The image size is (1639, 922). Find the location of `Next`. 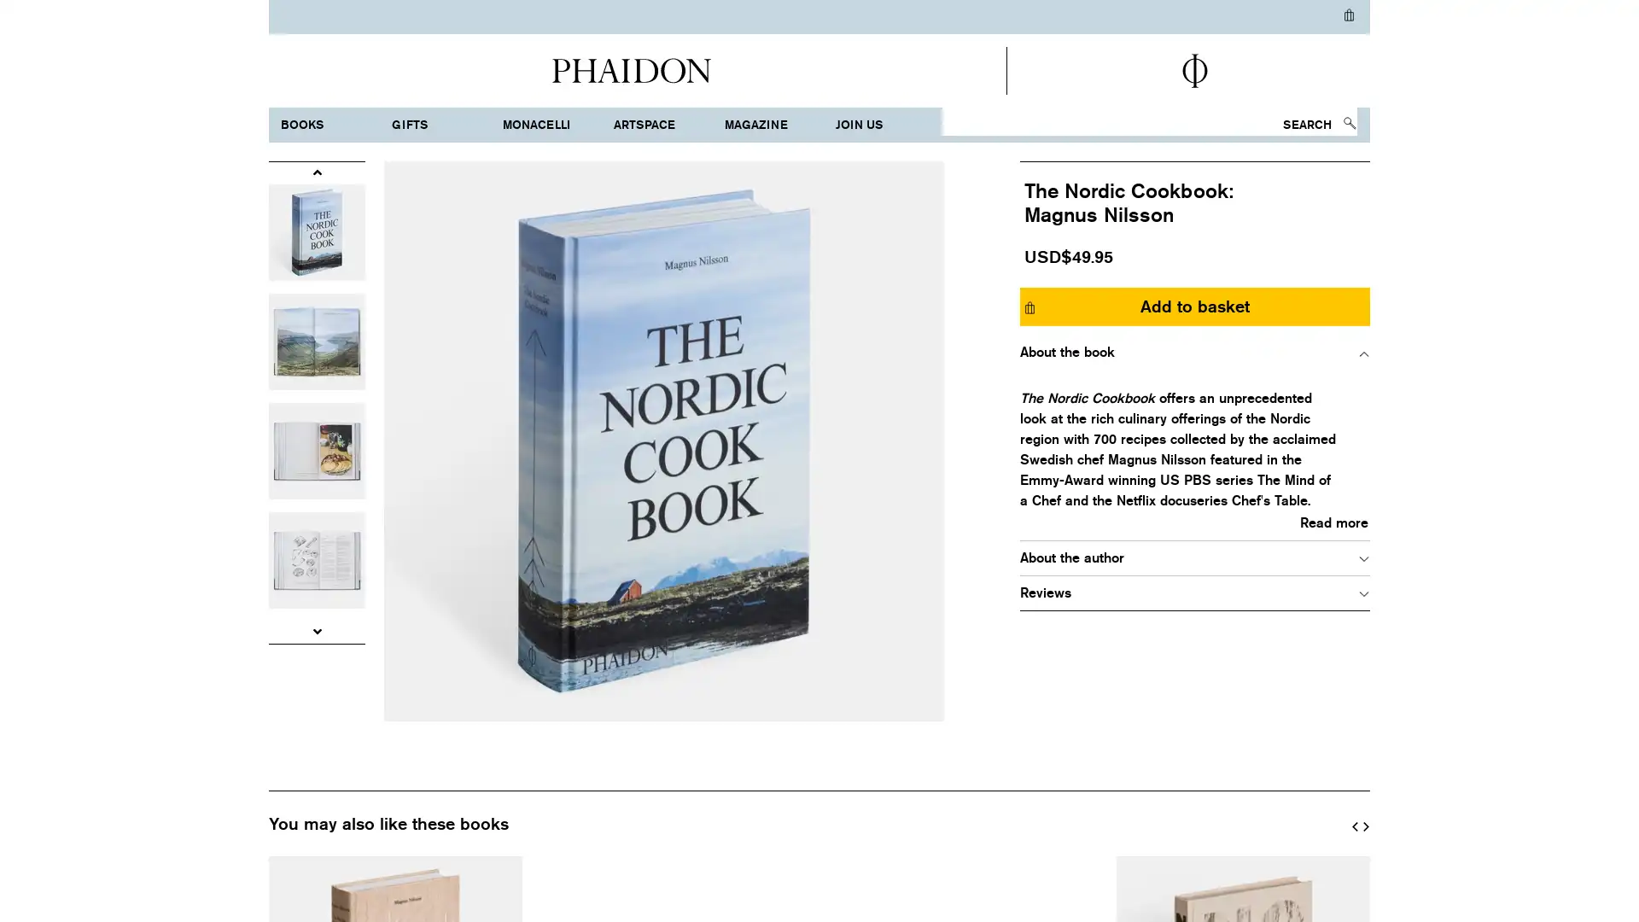

Next is located at coordinates (317, 632).